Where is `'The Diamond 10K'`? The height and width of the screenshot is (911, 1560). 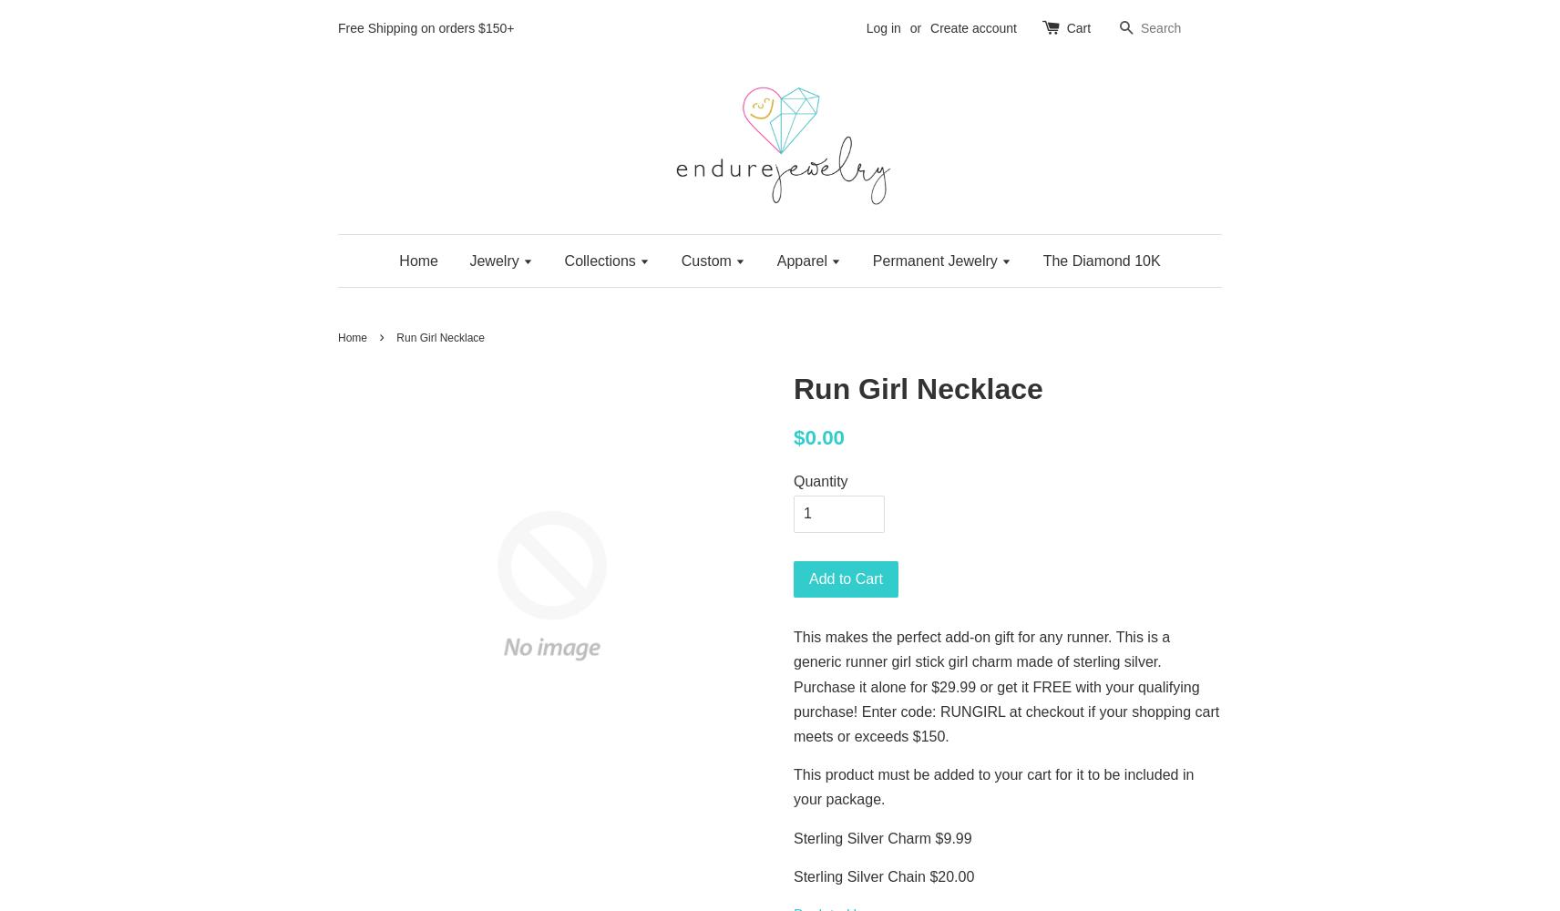 'The Diamond 10K' is located at coordinates (1101, 260).